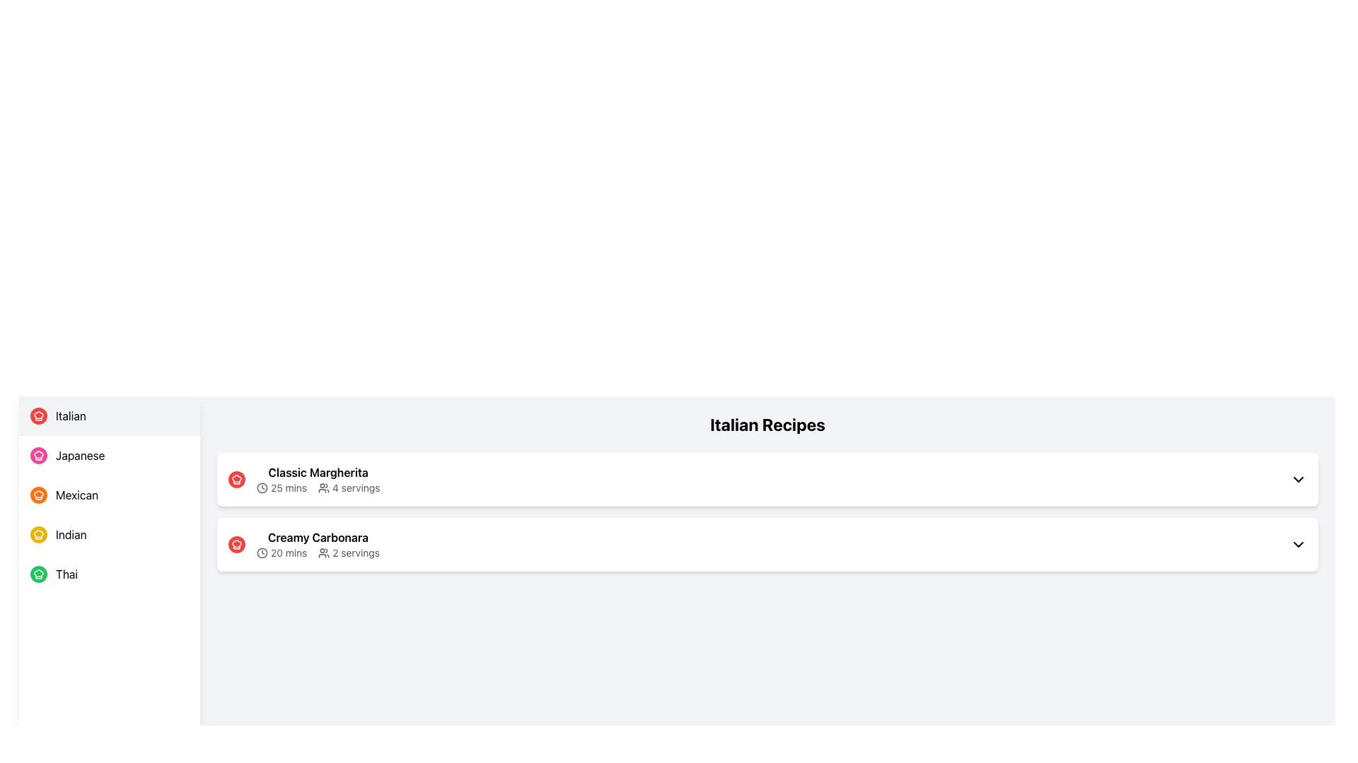  Describe the element at coordinates (323, 552) in the screenshot. I see `the servings icon located to the left of the text '2 servings' in the second recipe entry titled 'Creamy Carbonara' under the 'Italian Recipes' section` at that location.